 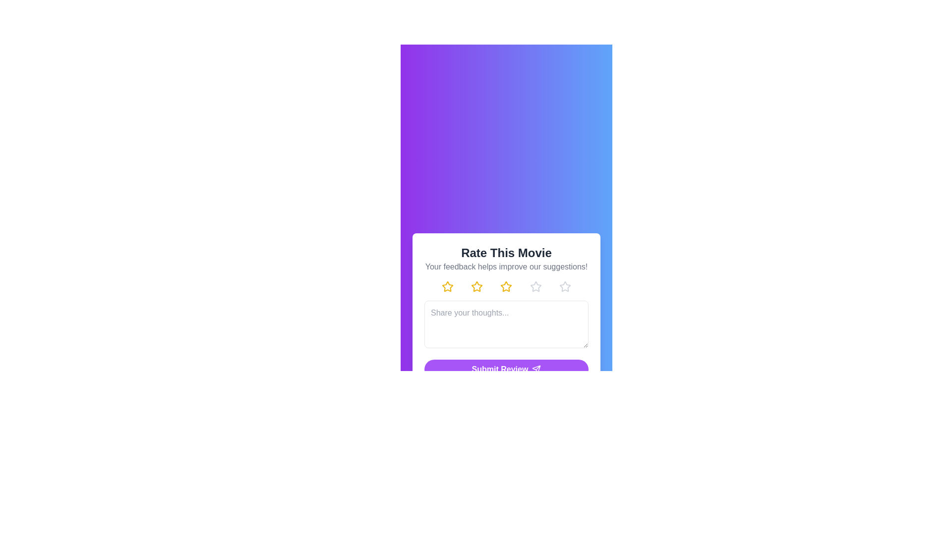 What do you see at coordinates (506, 258) in the screenshot?
I see `the 'Rate This Movie' text label, which is positioned at the top-center of its card layout, above the rating stars and text input field` at bounding box center [506, 258].